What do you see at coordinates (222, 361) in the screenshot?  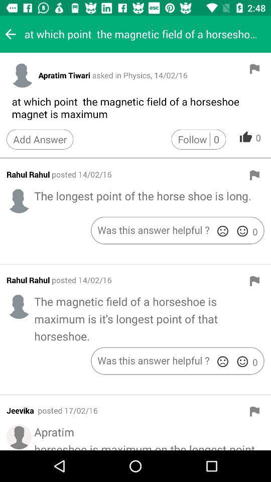 I see `express dissatisfaction with answer` at bounding box center [222, 361].